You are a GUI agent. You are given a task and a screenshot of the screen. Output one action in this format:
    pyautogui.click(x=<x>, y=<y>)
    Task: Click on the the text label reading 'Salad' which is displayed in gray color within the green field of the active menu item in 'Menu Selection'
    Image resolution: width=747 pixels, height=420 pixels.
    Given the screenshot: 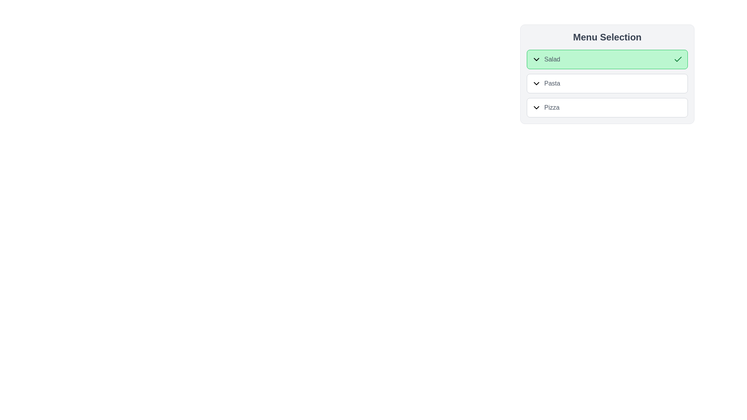 What is the action you would take?
    pyautogui.click(x=552, y=59)
    